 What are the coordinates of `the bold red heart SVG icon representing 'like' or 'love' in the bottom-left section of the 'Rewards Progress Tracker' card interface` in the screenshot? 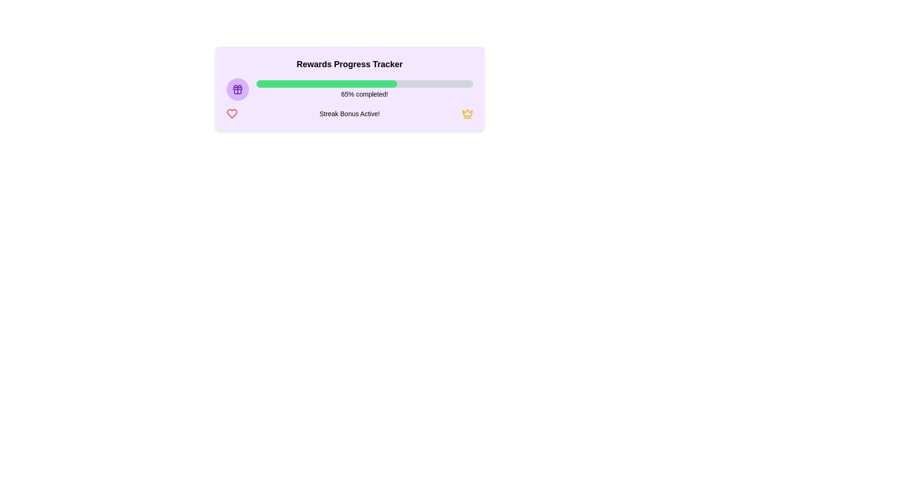 It's located at (232, 113).